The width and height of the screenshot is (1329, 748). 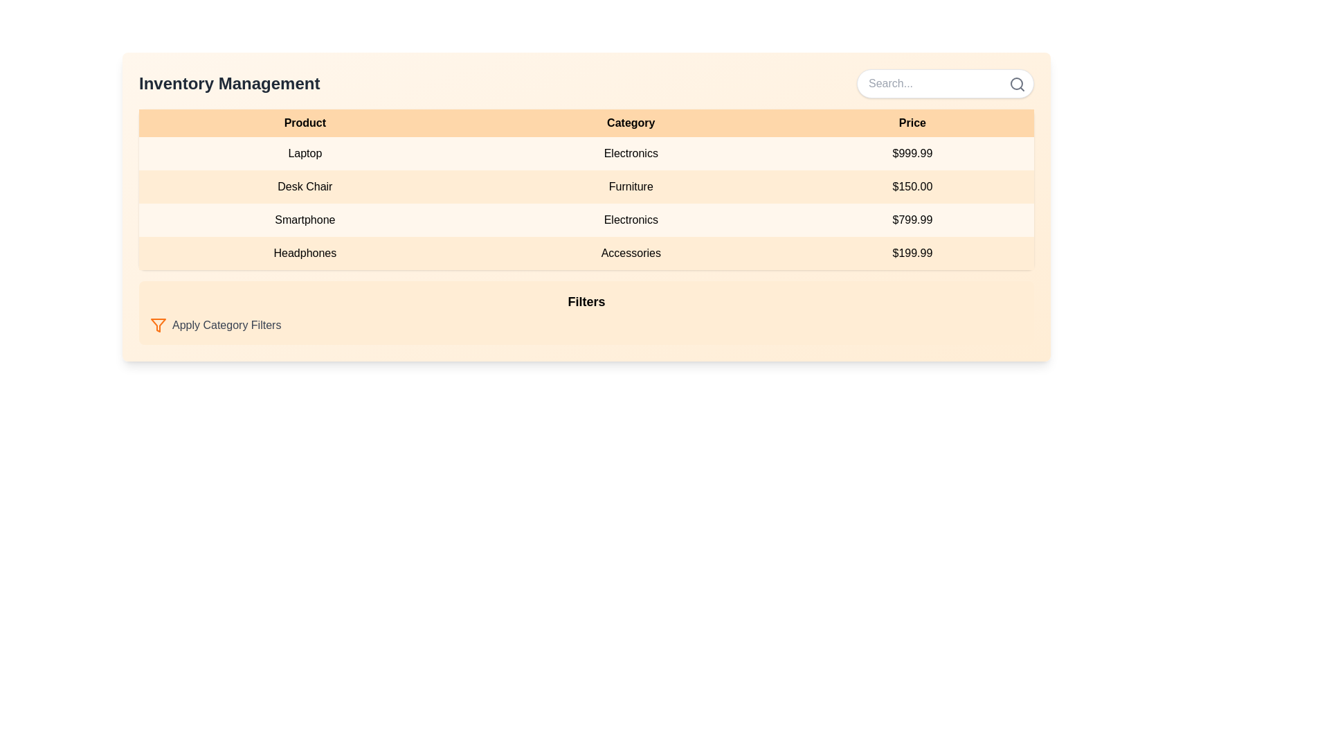 What do you see at coordinates (304, 154) in the screenshot?
I see `the static label in the first column under the 'Product' header of the table, which represents the name of a product` at bounding box center [304, 154].